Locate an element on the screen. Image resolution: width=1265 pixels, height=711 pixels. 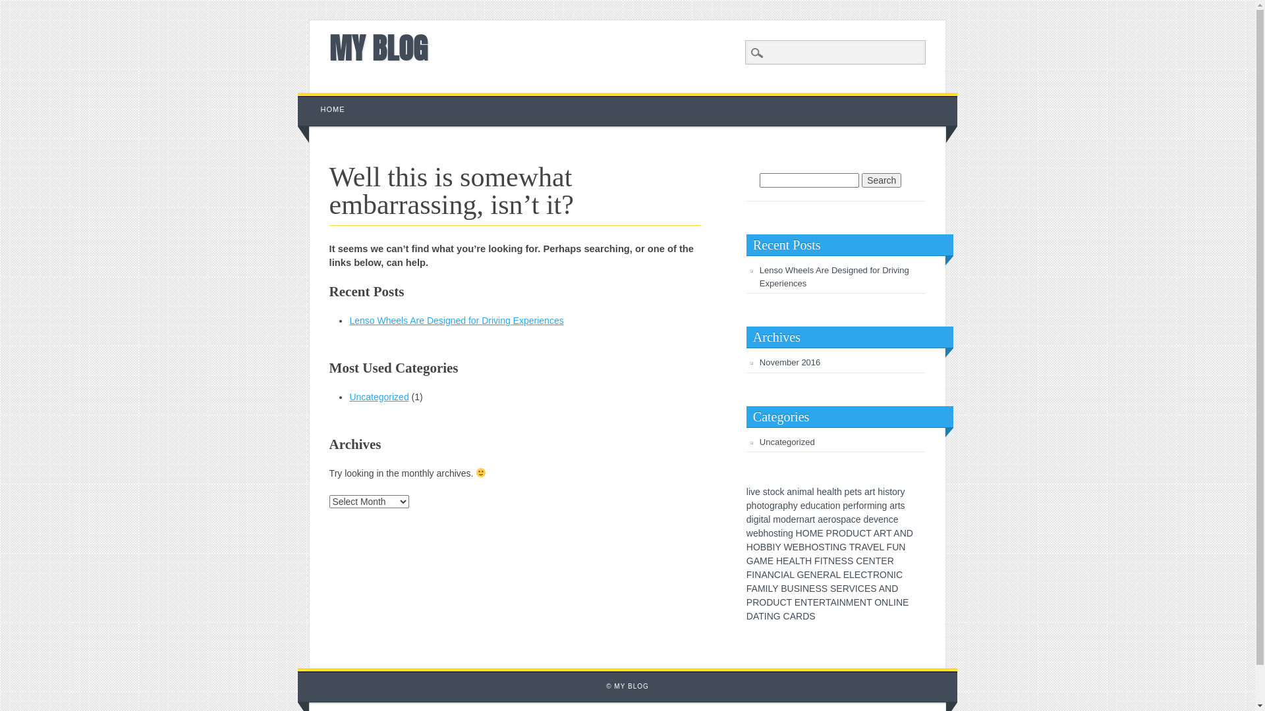
'B' is located at coordinates (797, 546).